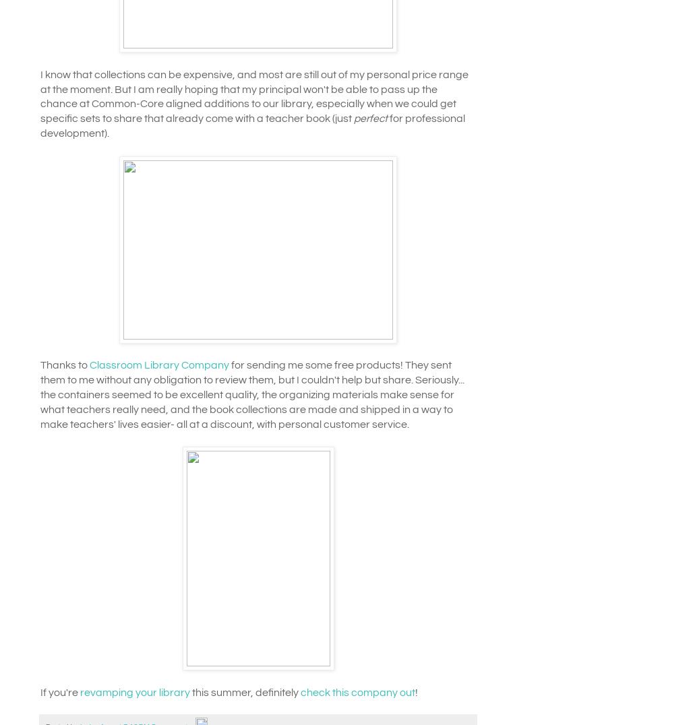 The width and height of the screenshot is (693, 725). What do you see at coordinates (80, 691) in the screenshot?
I see `'revamping your library'` at bounding box center [80, 691].